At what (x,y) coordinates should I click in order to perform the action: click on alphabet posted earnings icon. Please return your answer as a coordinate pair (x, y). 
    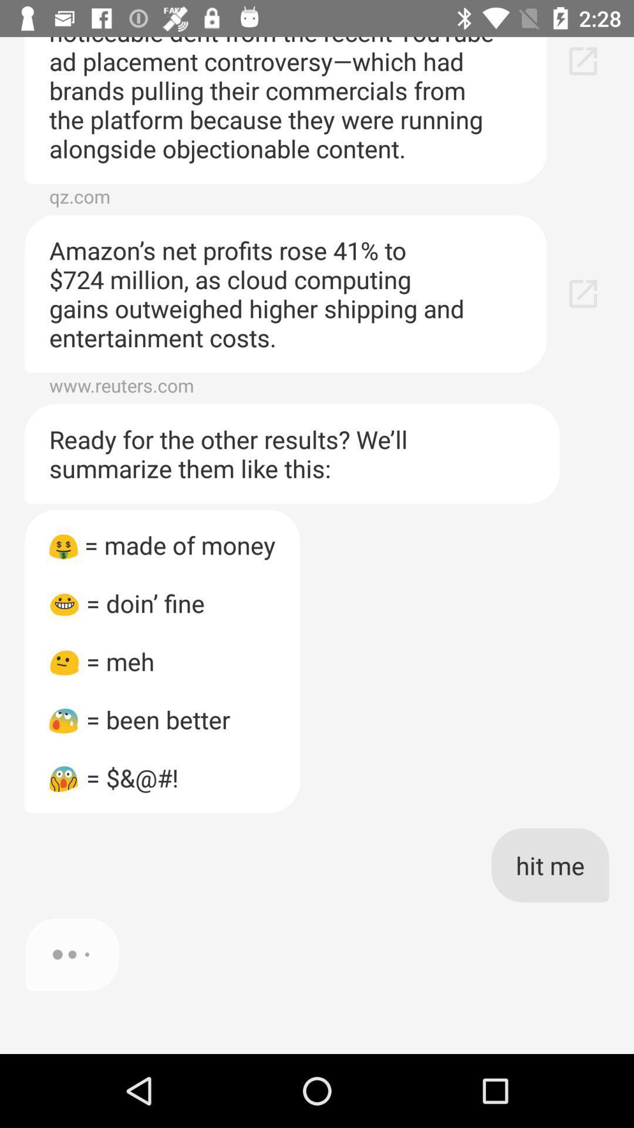
    Looking at the image, I should click on (285, 110).